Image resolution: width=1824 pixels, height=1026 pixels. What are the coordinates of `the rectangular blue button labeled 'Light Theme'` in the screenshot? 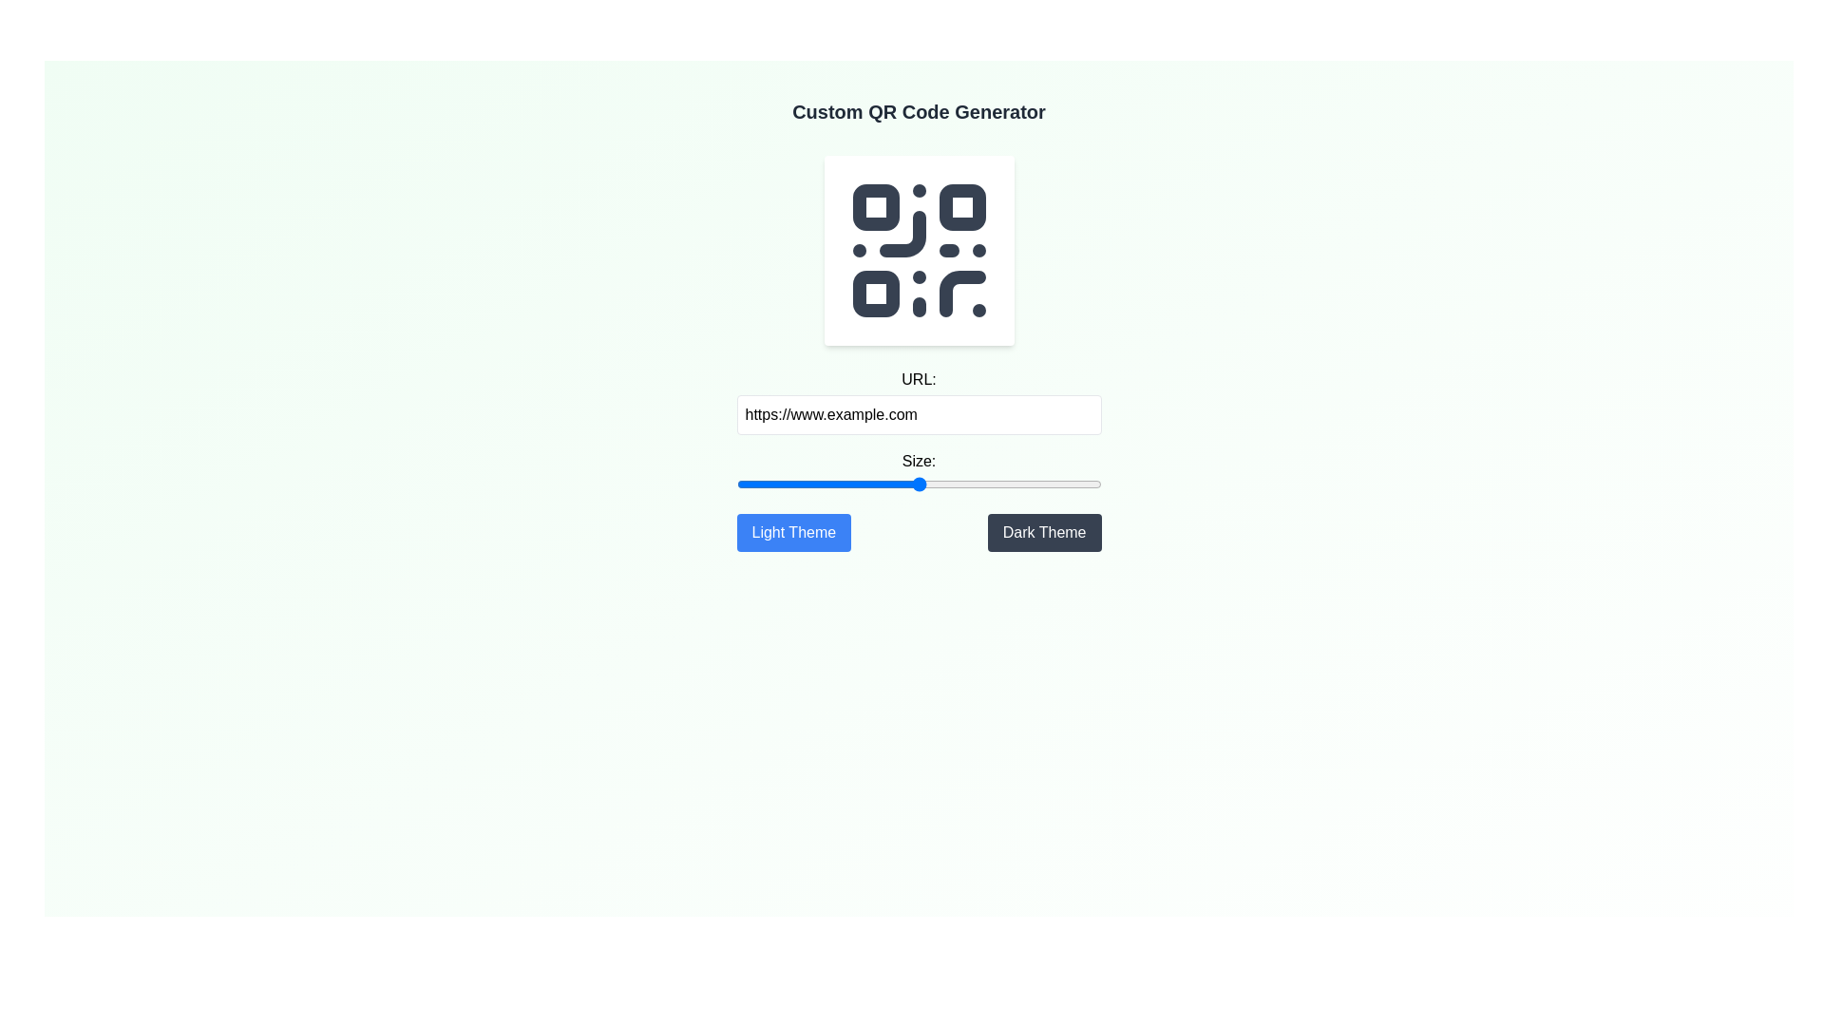 It's located at (793, 532).